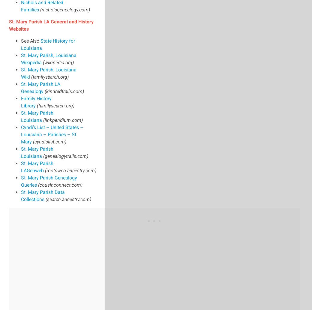  What do you see at coordinates (30, 41) in the screenshot?
I see `'See Also'` at bounding box center [30, 41].